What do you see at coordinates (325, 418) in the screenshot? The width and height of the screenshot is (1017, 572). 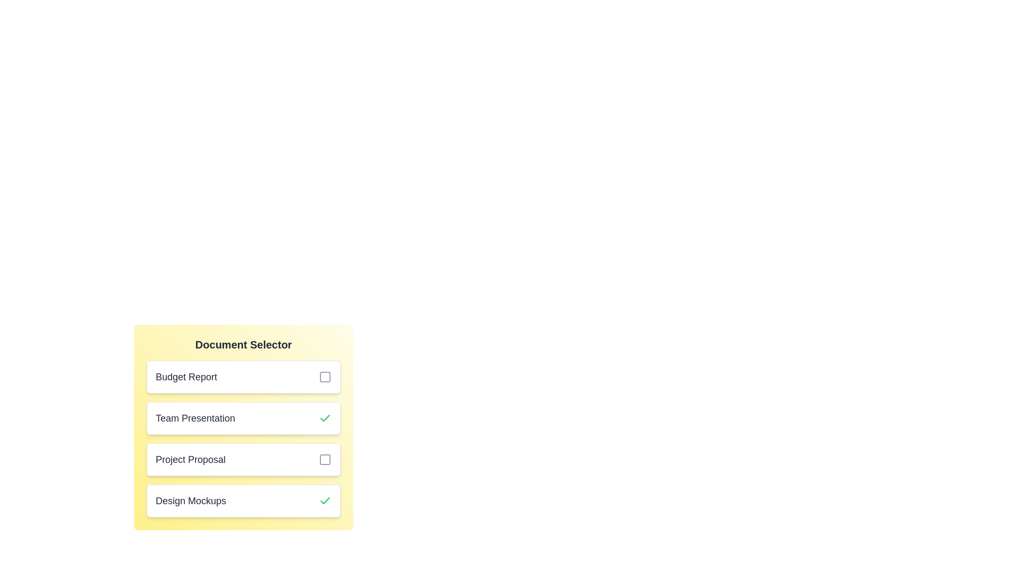 I see `the document Team Presentation by clicking its checkbox` at bounding box center [325, 418].